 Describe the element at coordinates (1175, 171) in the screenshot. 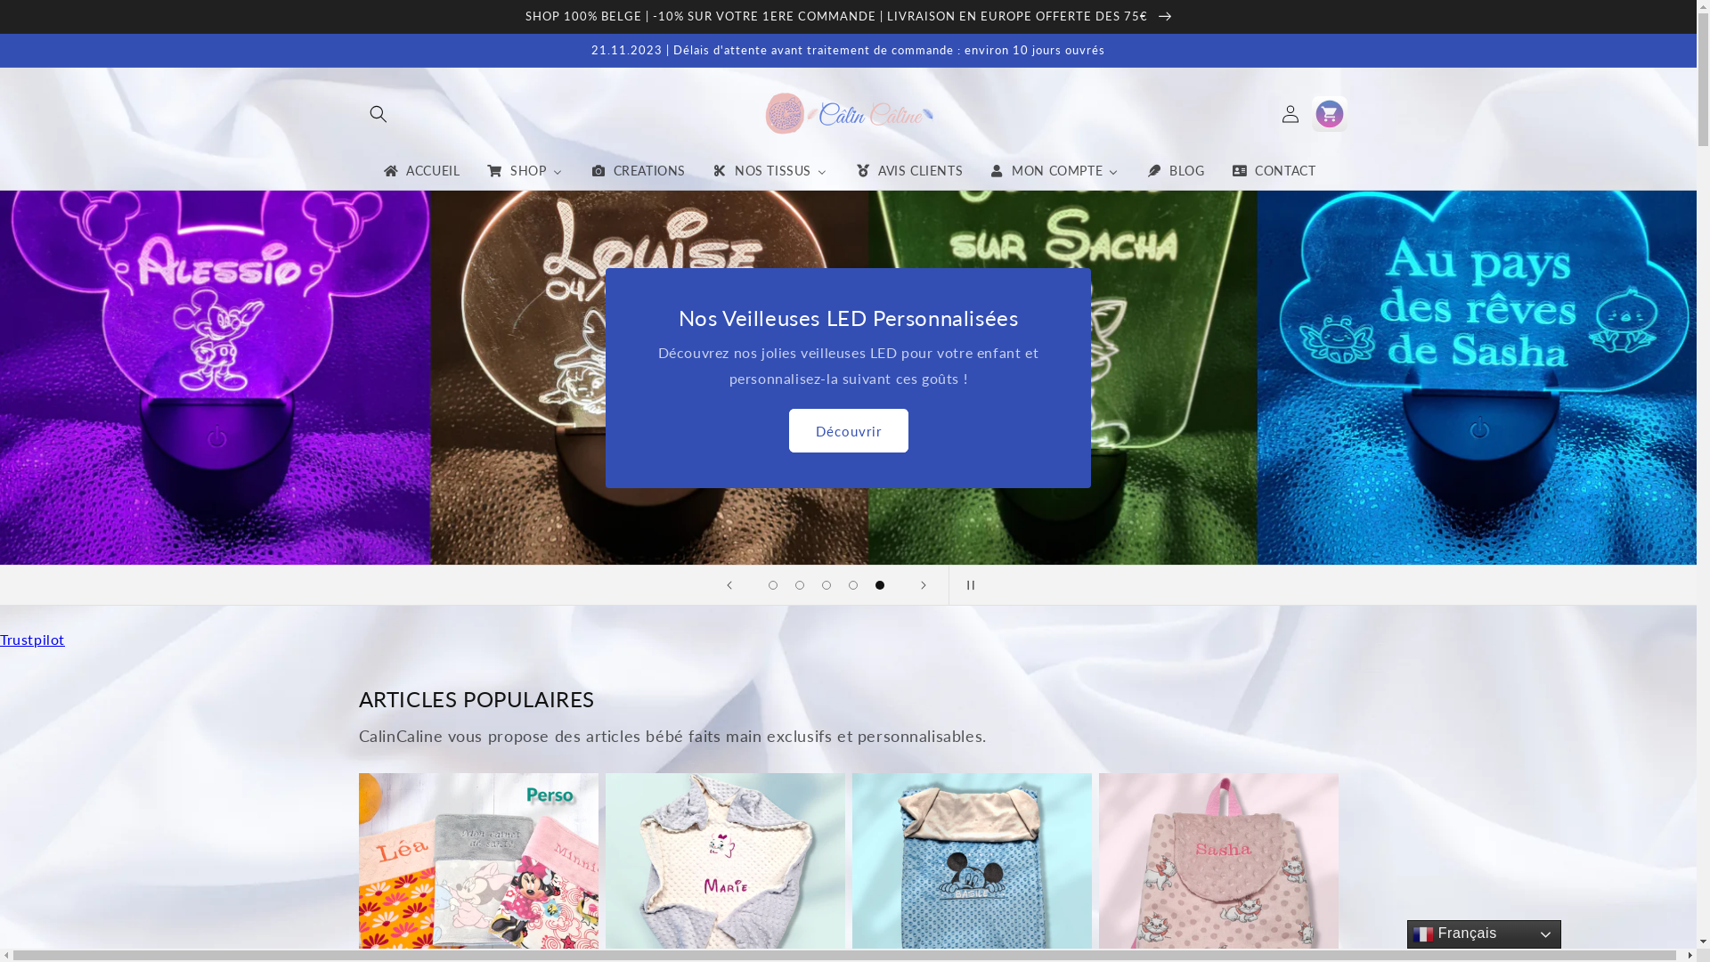

I see `'BLOG'` at that location.